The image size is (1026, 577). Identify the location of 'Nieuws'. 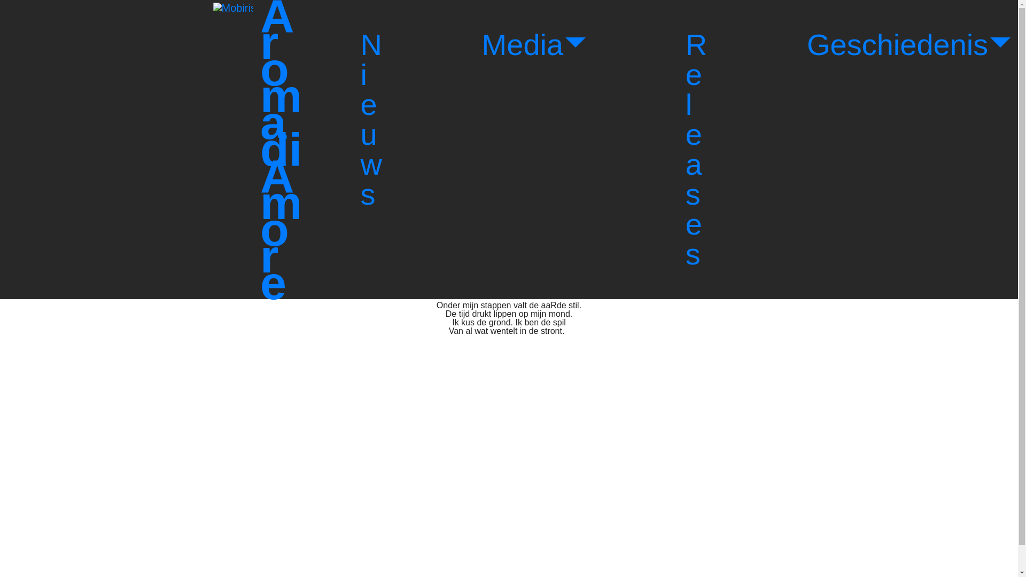
(371, 120).